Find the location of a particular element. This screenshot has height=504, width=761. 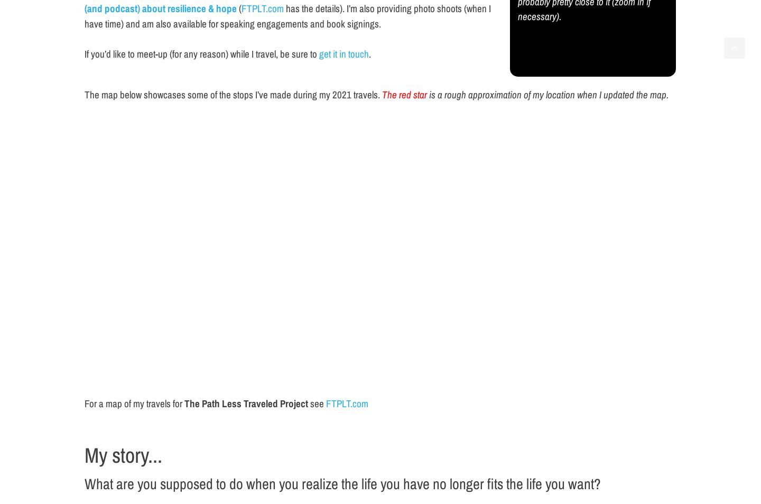

'The map below showcases some of the stops I’ve made during my 2021 travels.' is located at coordinates (233, 94).